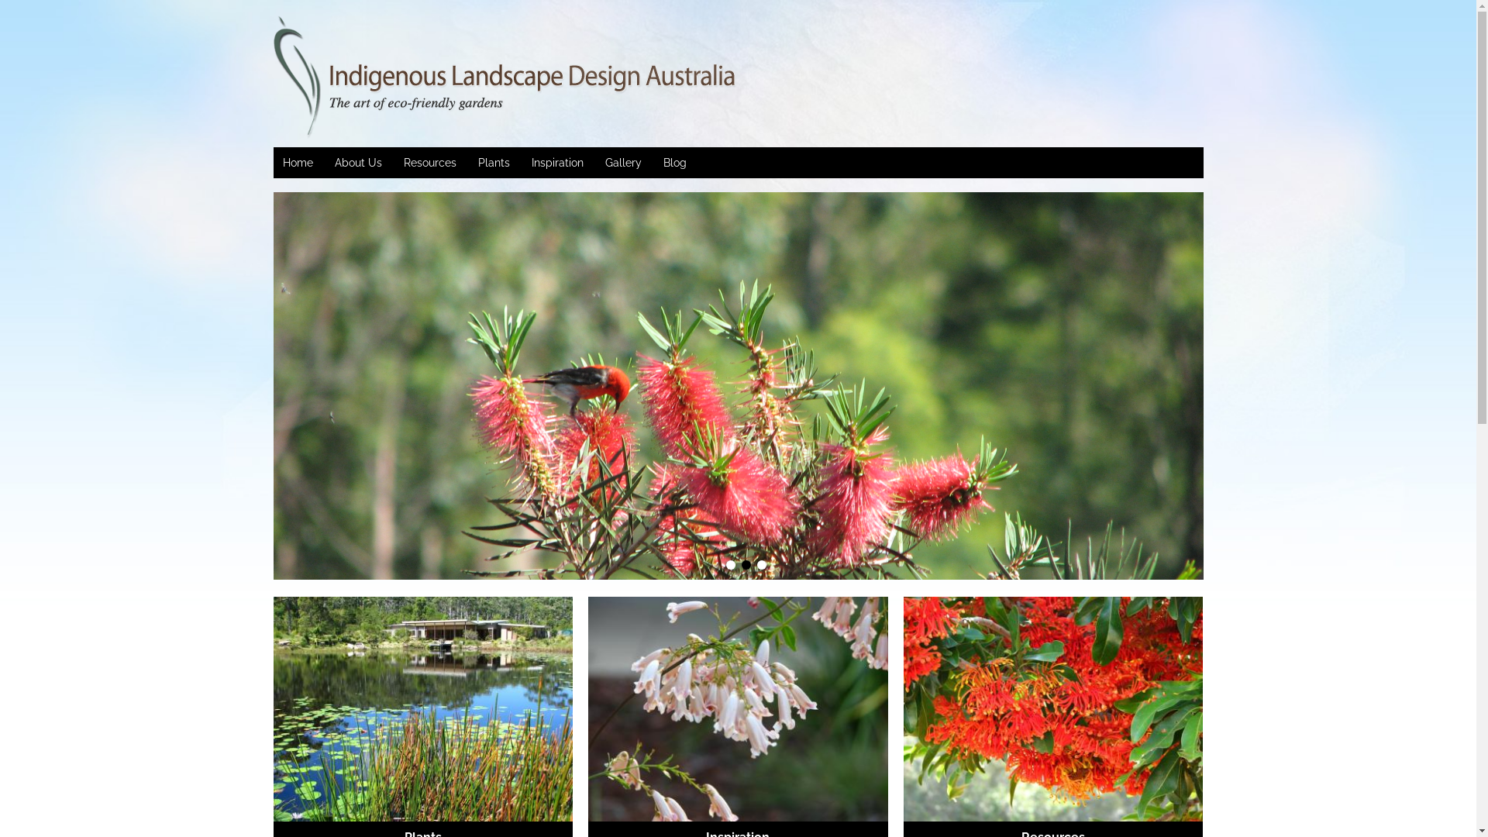 Image resolution: width=1488 pixels, height=837 pixels. I want to click on 'Indigenous Landscape Design Australia', so click(389, 77).